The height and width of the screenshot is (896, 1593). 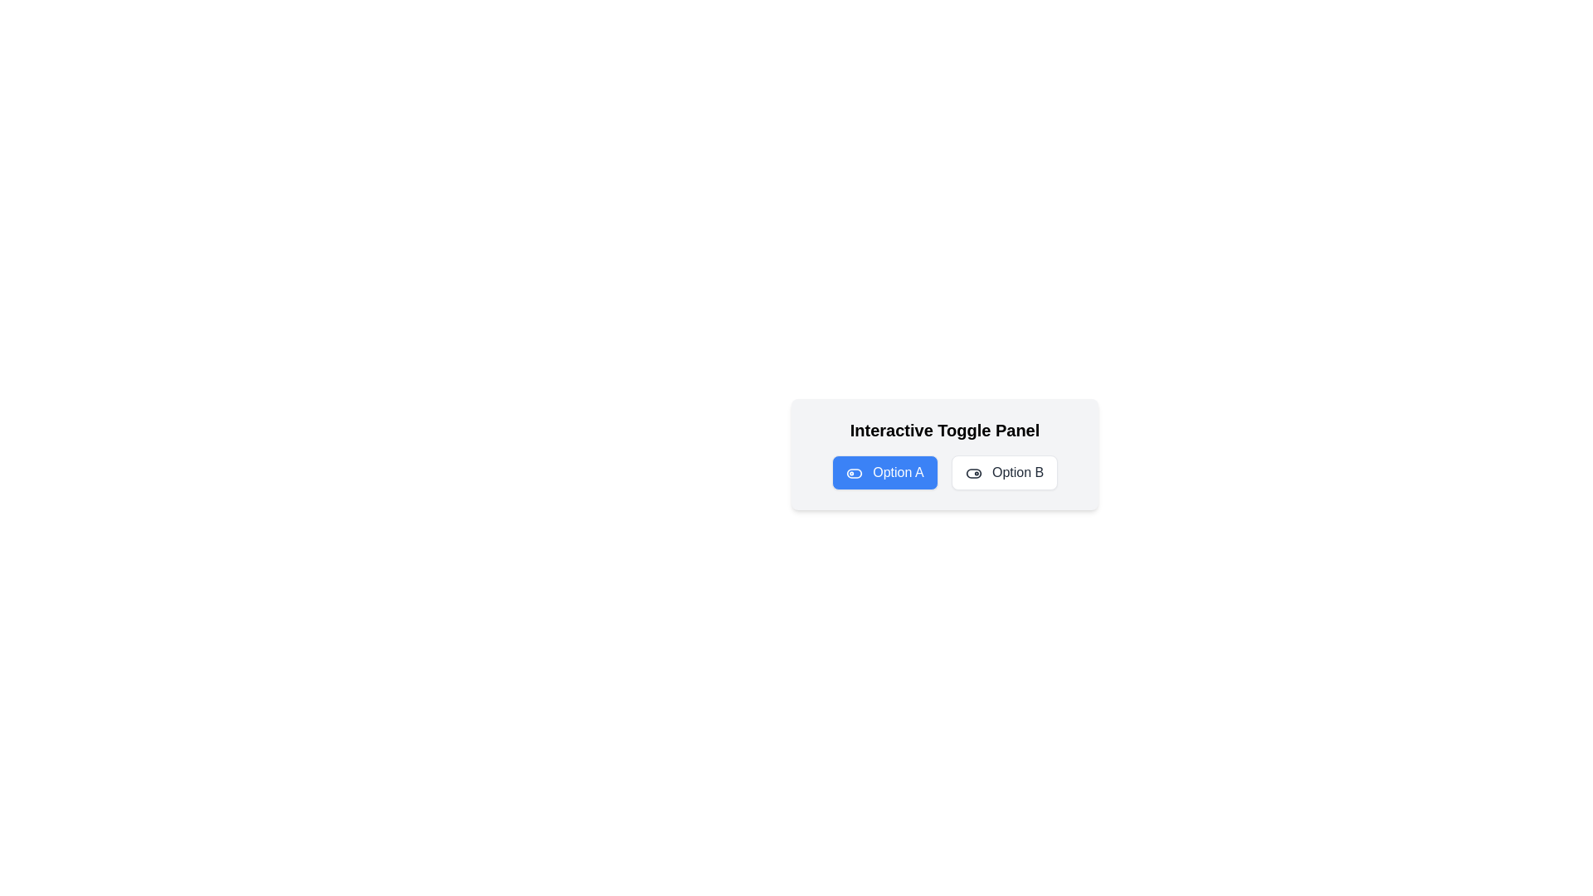 What do you see at coordinates (973, 473) in the screenshot?
I see `the toggle switch icon located within the 'Option B' button, specifically aligned towards its left side` at bounding box center [973, 473].